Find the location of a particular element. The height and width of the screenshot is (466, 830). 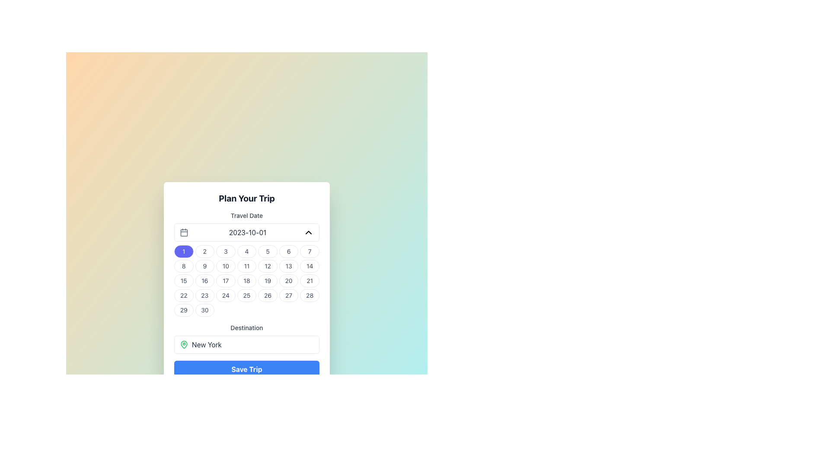

the selectable date option button representing the date '13' in the calendar-style date picker located in the second row and sixth column of the grid is located at coordinates (289, 266).